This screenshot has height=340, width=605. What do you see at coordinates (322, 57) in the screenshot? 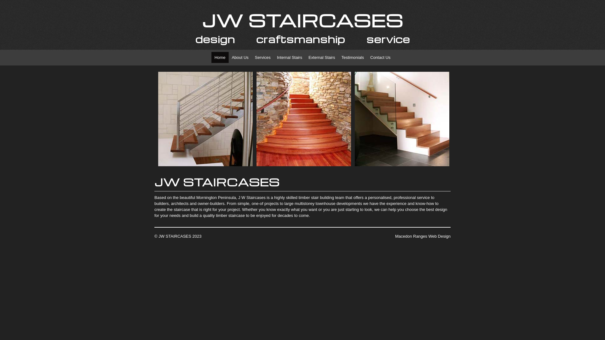
I see `'External Stairs'` at bounding box center [322, 57].